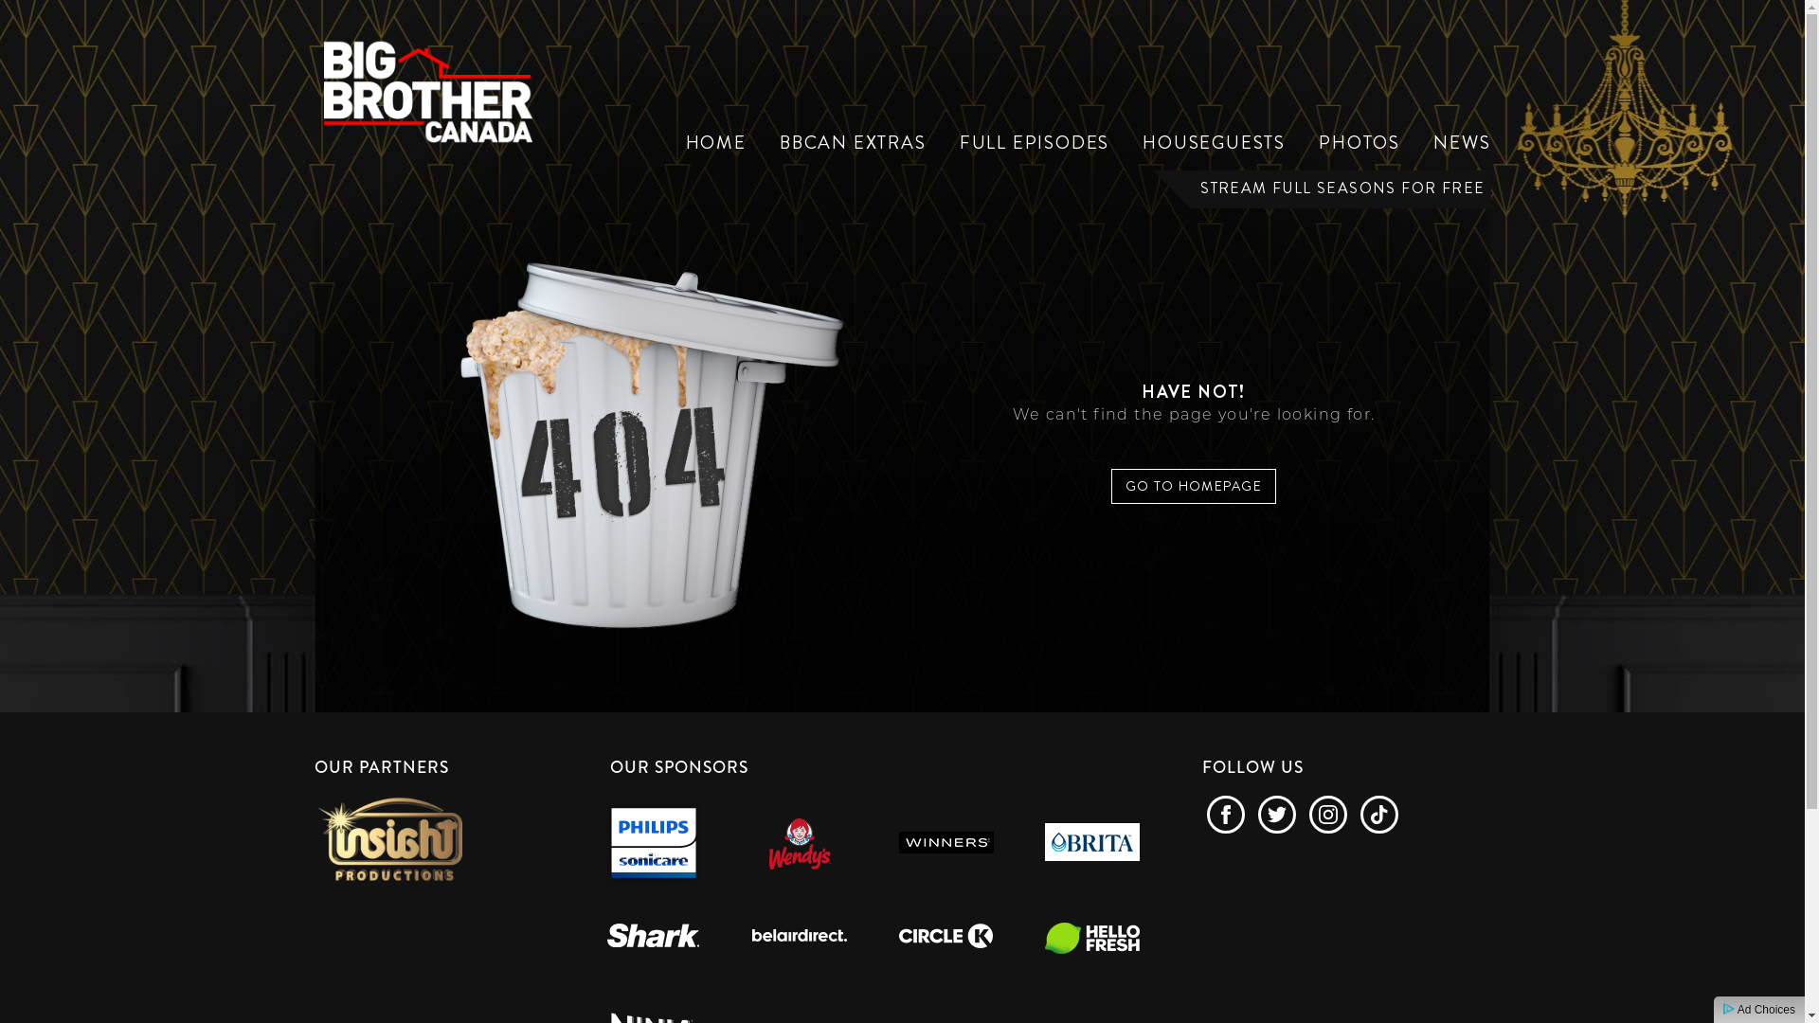 Image resolution: width=1819 pixels, height=1023 pixels. Describe the element at coordinates (1214, 141) in the screenshot. I see `'HOUSEGUESTS'` at that location.